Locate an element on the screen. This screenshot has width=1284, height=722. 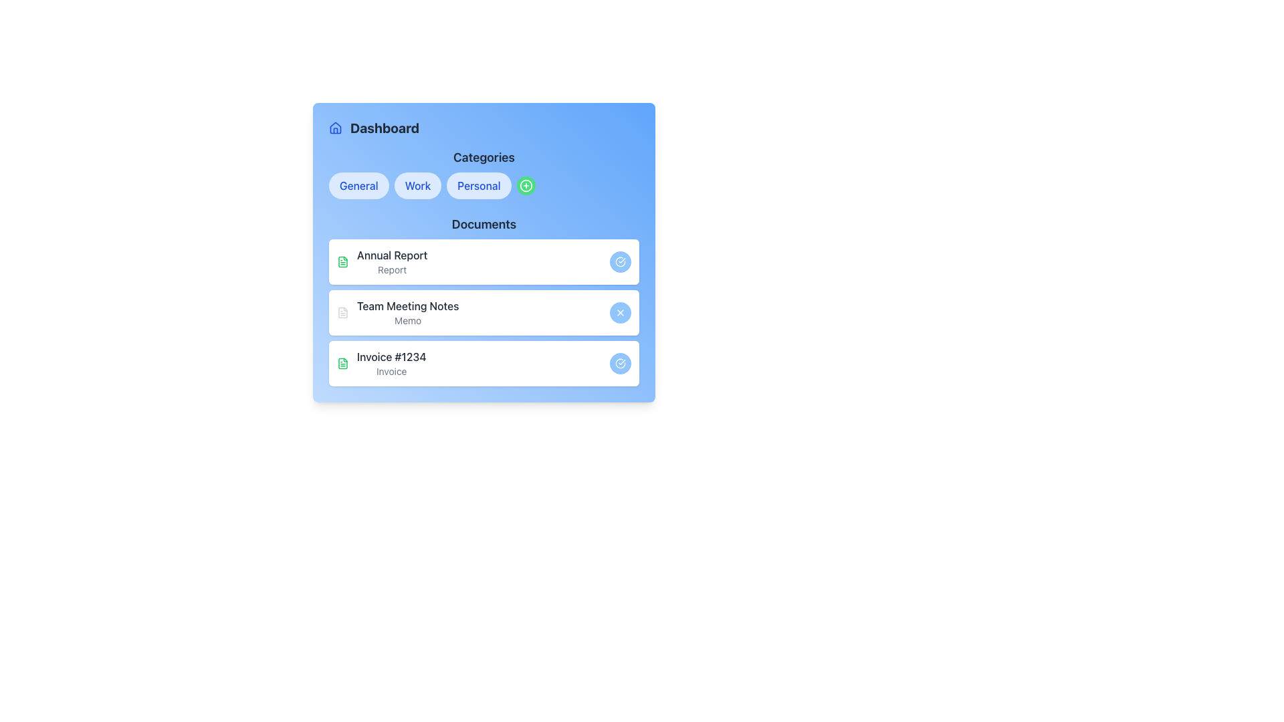
the green circular button with a white outlined circle and a centered plus sign located in the 'Categories' section is located at coordinates (525, 185).